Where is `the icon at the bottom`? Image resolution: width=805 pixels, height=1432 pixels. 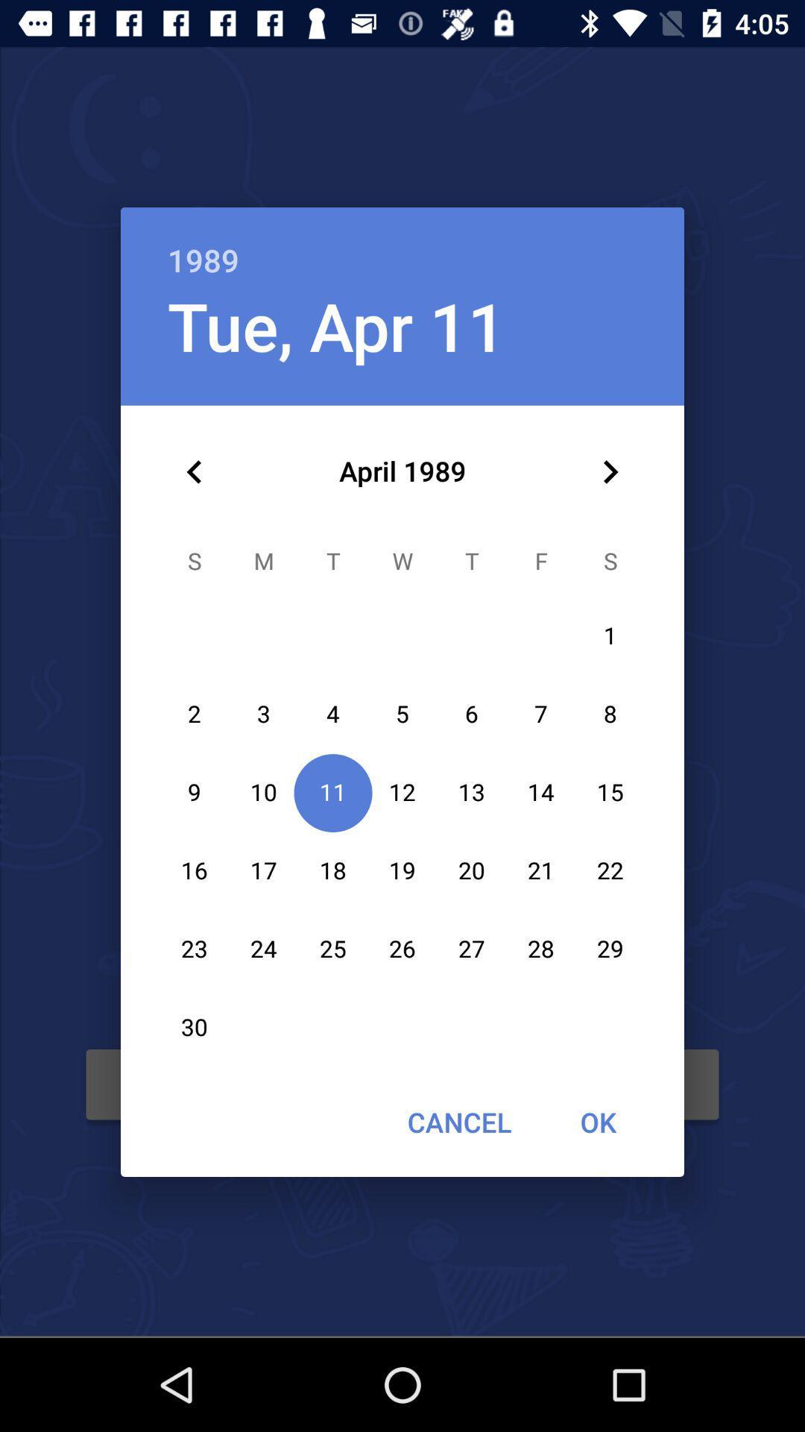 the icon at the bottom is located at coordinates (458, 1122).